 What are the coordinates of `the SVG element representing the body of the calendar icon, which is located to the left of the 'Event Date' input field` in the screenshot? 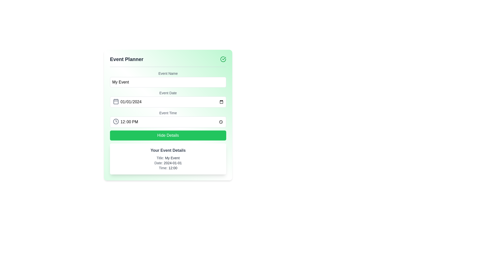 It's located at (115, 101).